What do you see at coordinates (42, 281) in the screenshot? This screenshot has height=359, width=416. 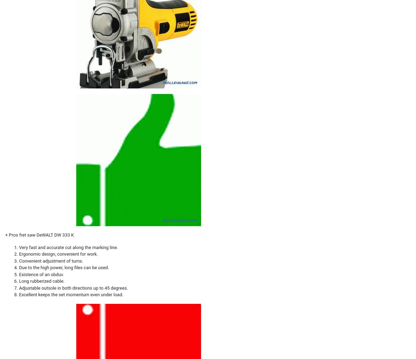 I see `'Long rubberized cable.'` at bounding box center [42, 281].